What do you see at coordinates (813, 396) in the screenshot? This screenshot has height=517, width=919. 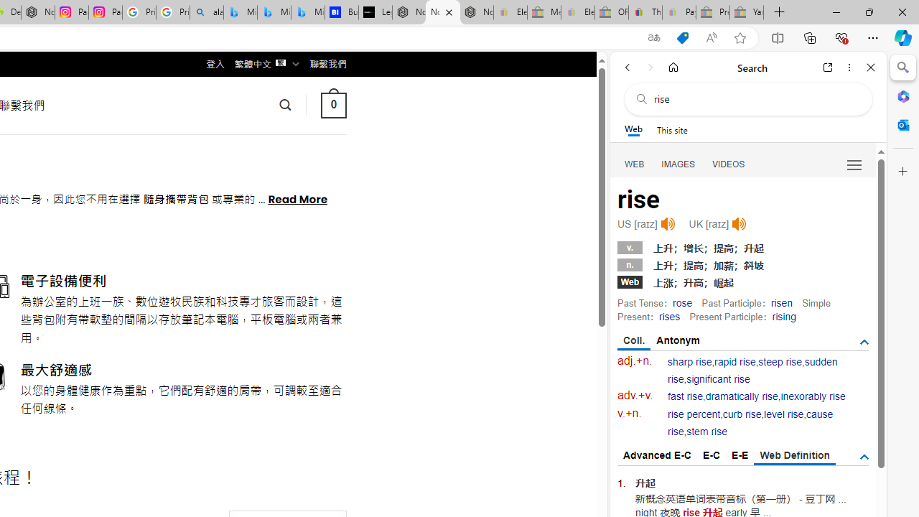 I see `'inexorably rise'` at bounding box center [813, 396].